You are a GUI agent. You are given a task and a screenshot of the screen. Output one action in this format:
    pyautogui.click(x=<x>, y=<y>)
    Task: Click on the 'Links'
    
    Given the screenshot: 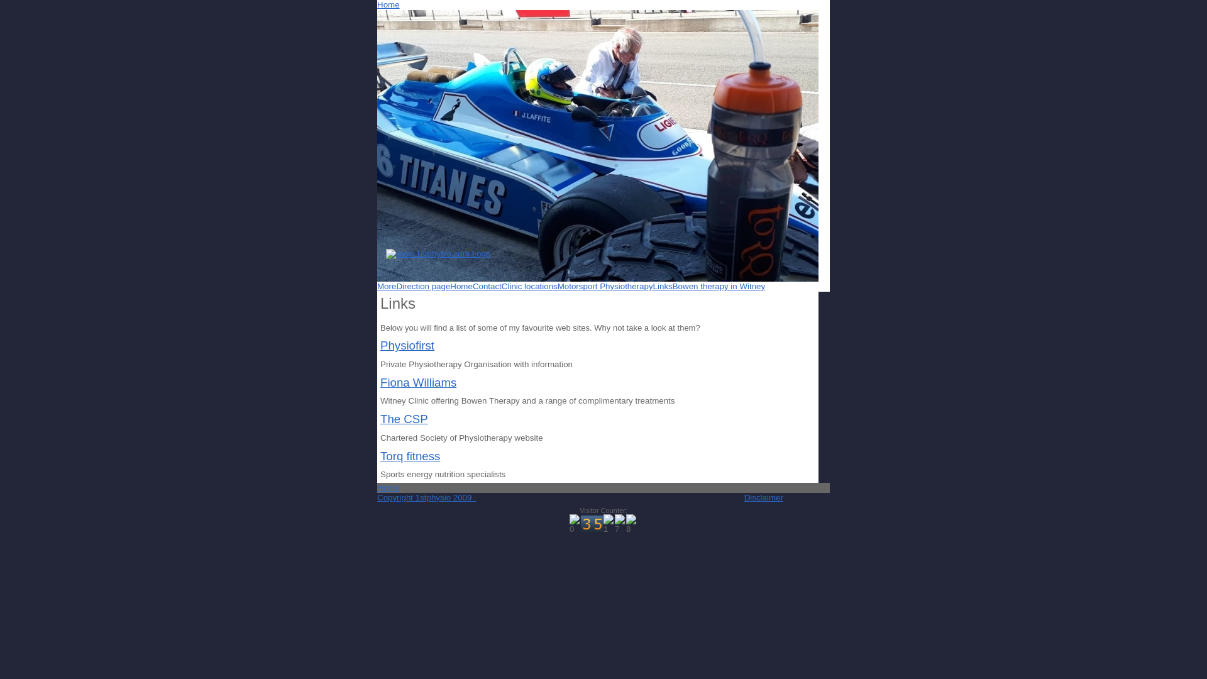 What is the action you would take?
    pyautogui.click(x=662, y=286)
    